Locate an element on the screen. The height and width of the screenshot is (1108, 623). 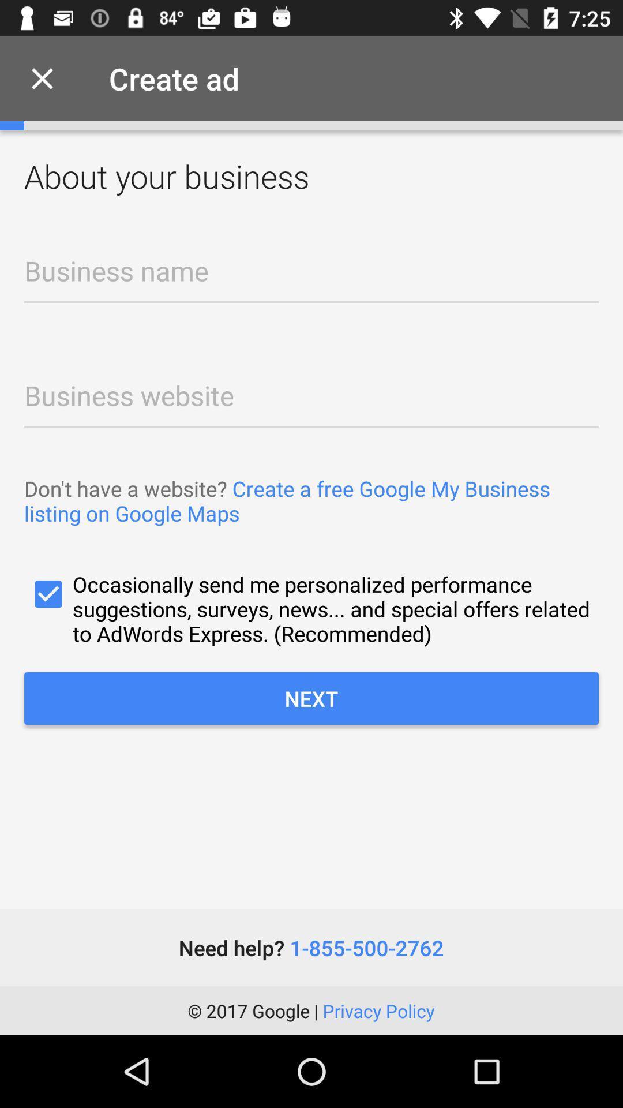
the need help 1 is located at coordinates (310, 948).